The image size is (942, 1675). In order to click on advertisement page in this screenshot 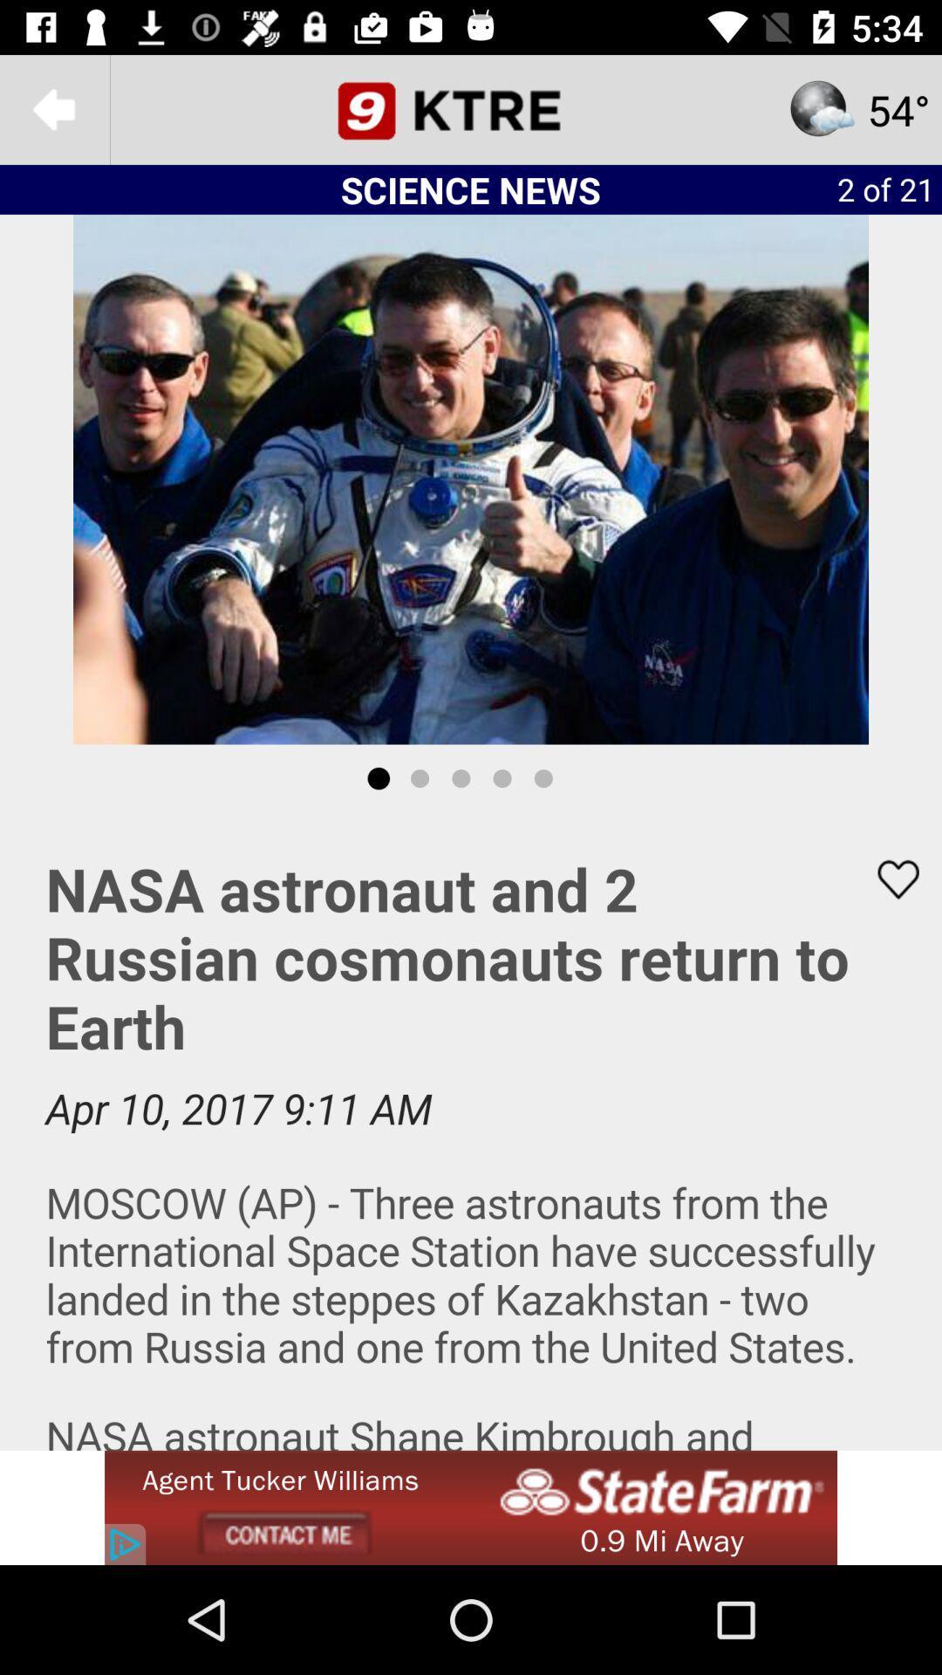, I will do `click(471, 1507)`.